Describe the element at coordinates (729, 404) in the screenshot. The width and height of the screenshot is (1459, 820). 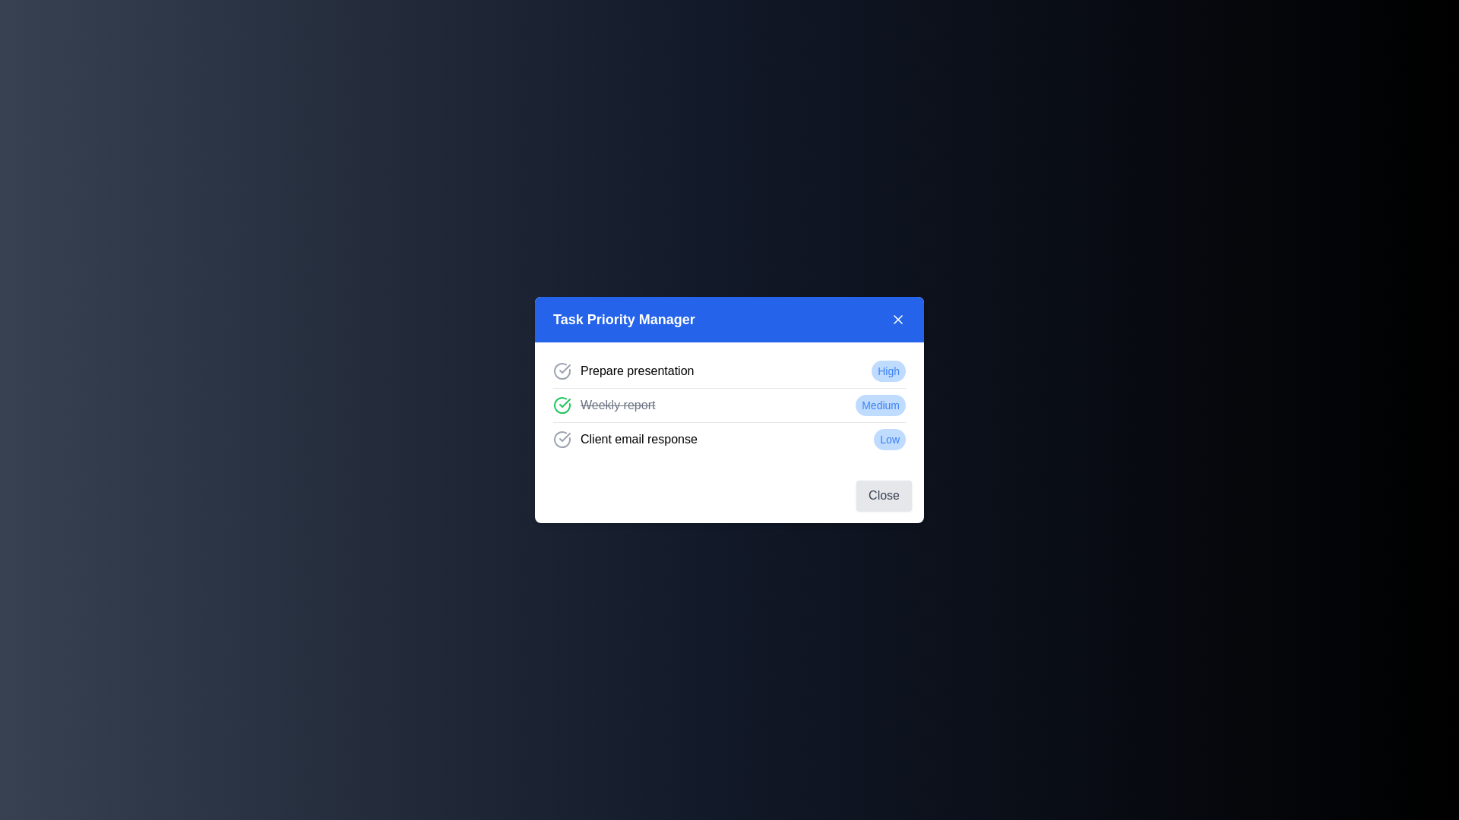
I see `the task list item labeled 'Weekly report' with a 'Medium' priority in the task management interface` at that location.